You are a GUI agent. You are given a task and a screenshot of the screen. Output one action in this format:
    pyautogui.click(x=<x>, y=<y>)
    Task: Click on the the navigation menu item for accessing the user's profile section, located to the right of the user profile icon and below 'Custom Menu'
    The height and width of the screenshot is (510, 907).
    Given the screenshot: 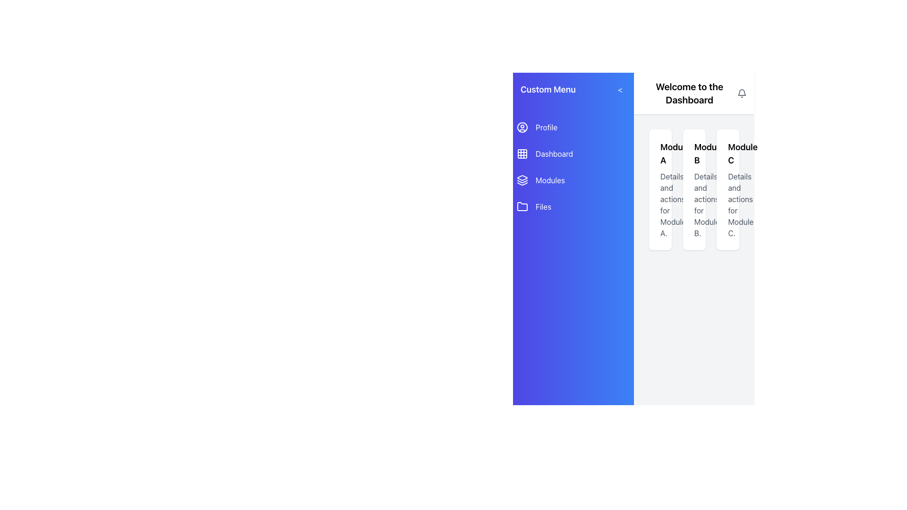 What is the action you would take?
    pyautogui.click(x=547, y=127)
    